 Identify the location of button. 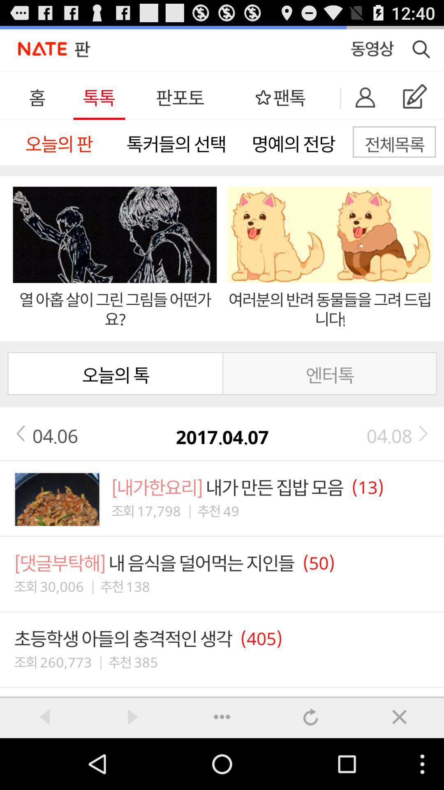
(399, 716).